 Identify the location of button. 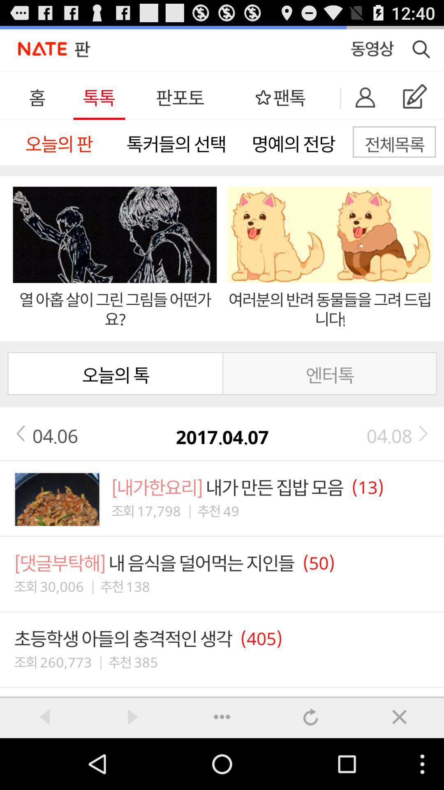
(399, 716).